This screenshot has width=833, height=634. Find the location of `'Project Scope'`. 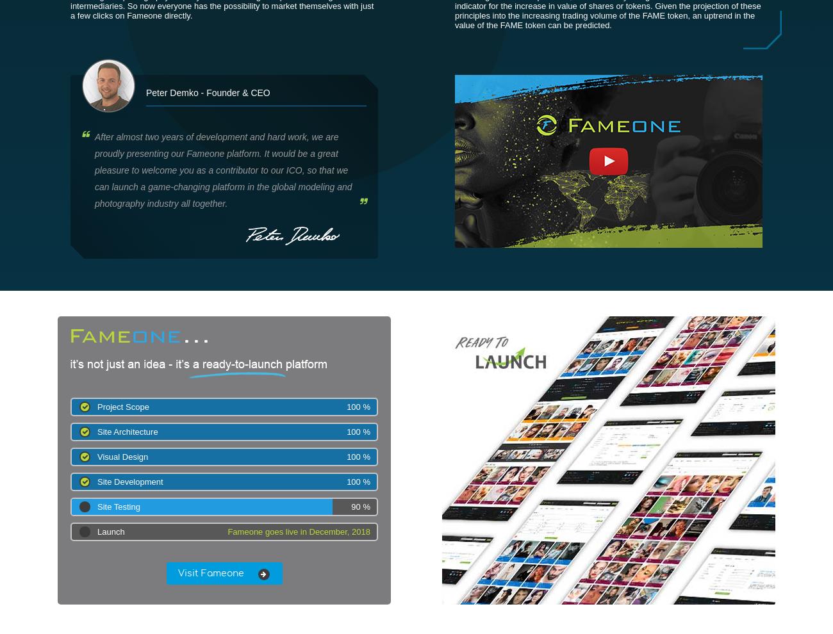

'Project Scope' is located at coordinates (123, 406).